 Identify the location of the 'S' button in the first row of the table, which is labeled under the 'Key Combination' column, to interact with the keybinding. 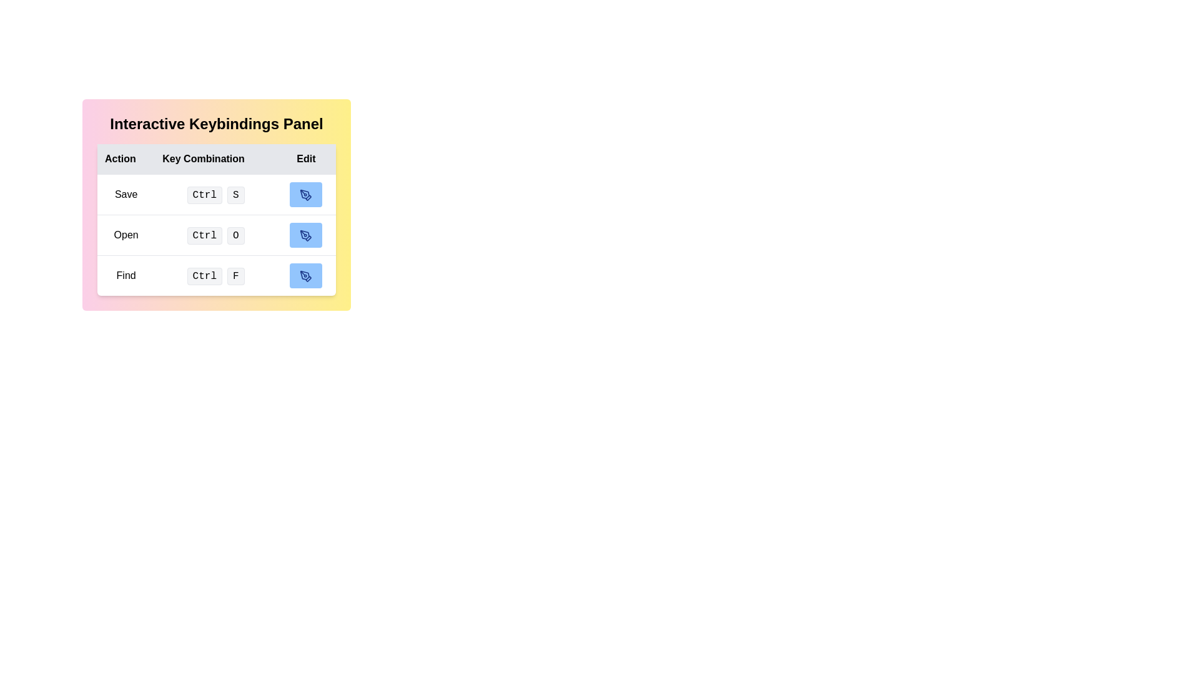
(216, 195).